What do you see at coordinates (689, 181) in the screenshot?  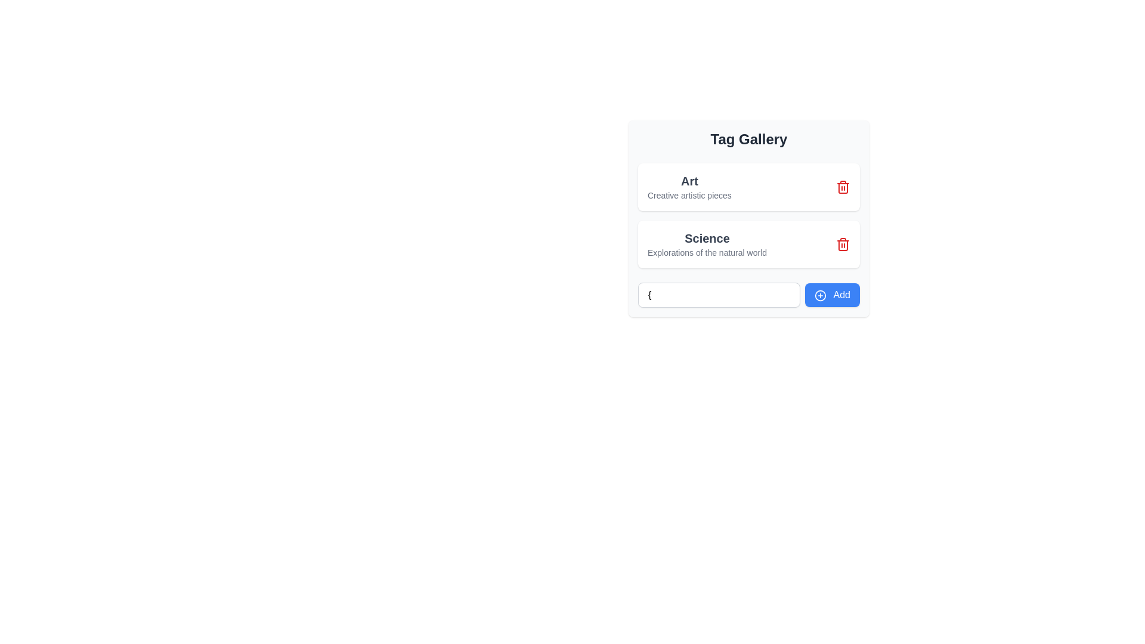 I see `text label displaying 'Art' which is styled in bold, larger font and located above the supporting text in the 'Tag Gallery' section` at bounding box center [689, 181].